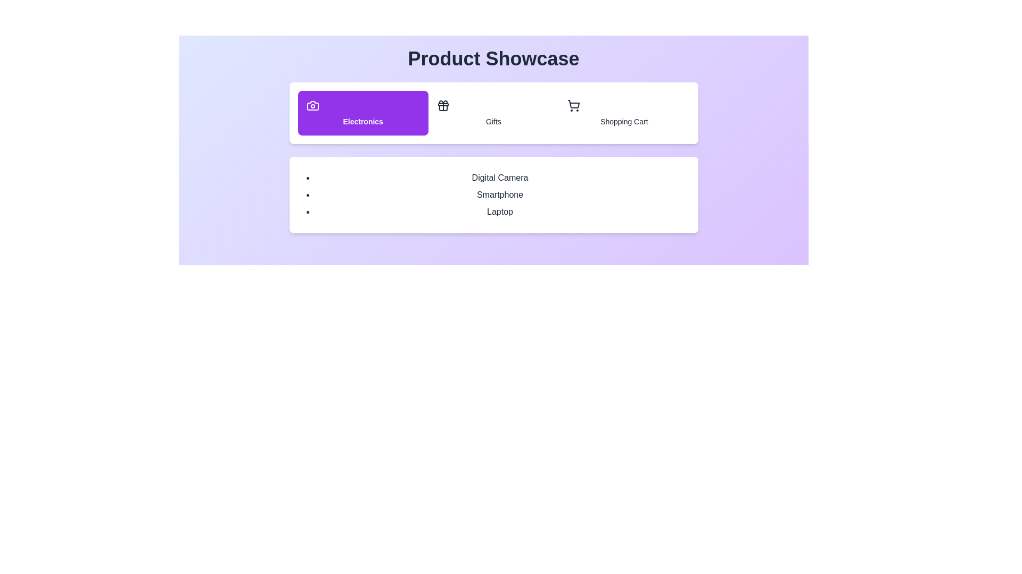  Describe the element at coordinates (443, 104) in the screenshot. I see `the horizontal ribbon of the gift icon, which is centrally located above the main body of the box within the SVG element` at that location.